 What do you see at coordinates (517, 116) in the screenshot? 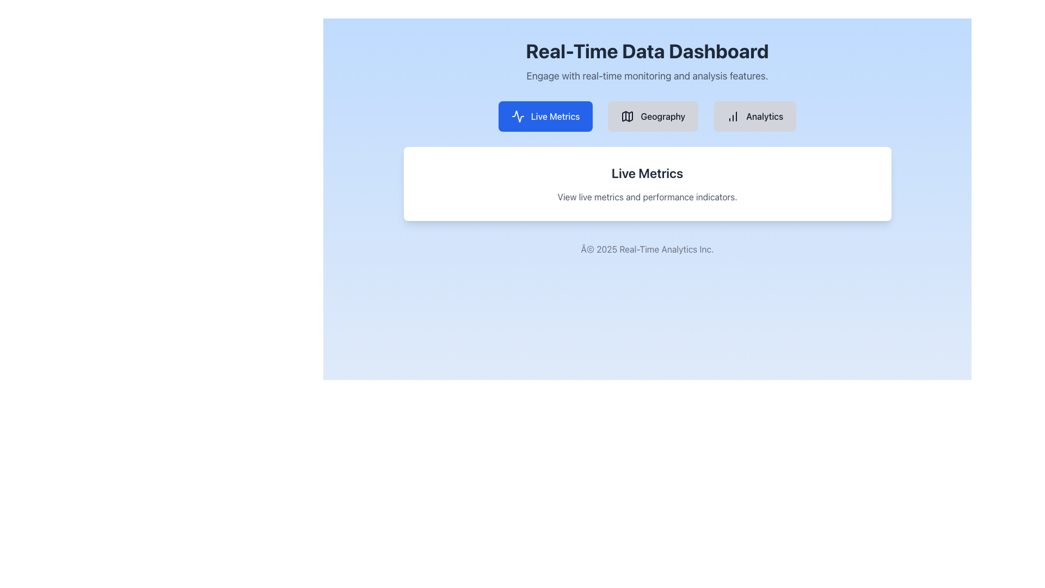
I see `the graphical icon resembling a zig-zag line within the 'Live Metrics' button at the top of the dashboard` at bounding box center [517, 116].